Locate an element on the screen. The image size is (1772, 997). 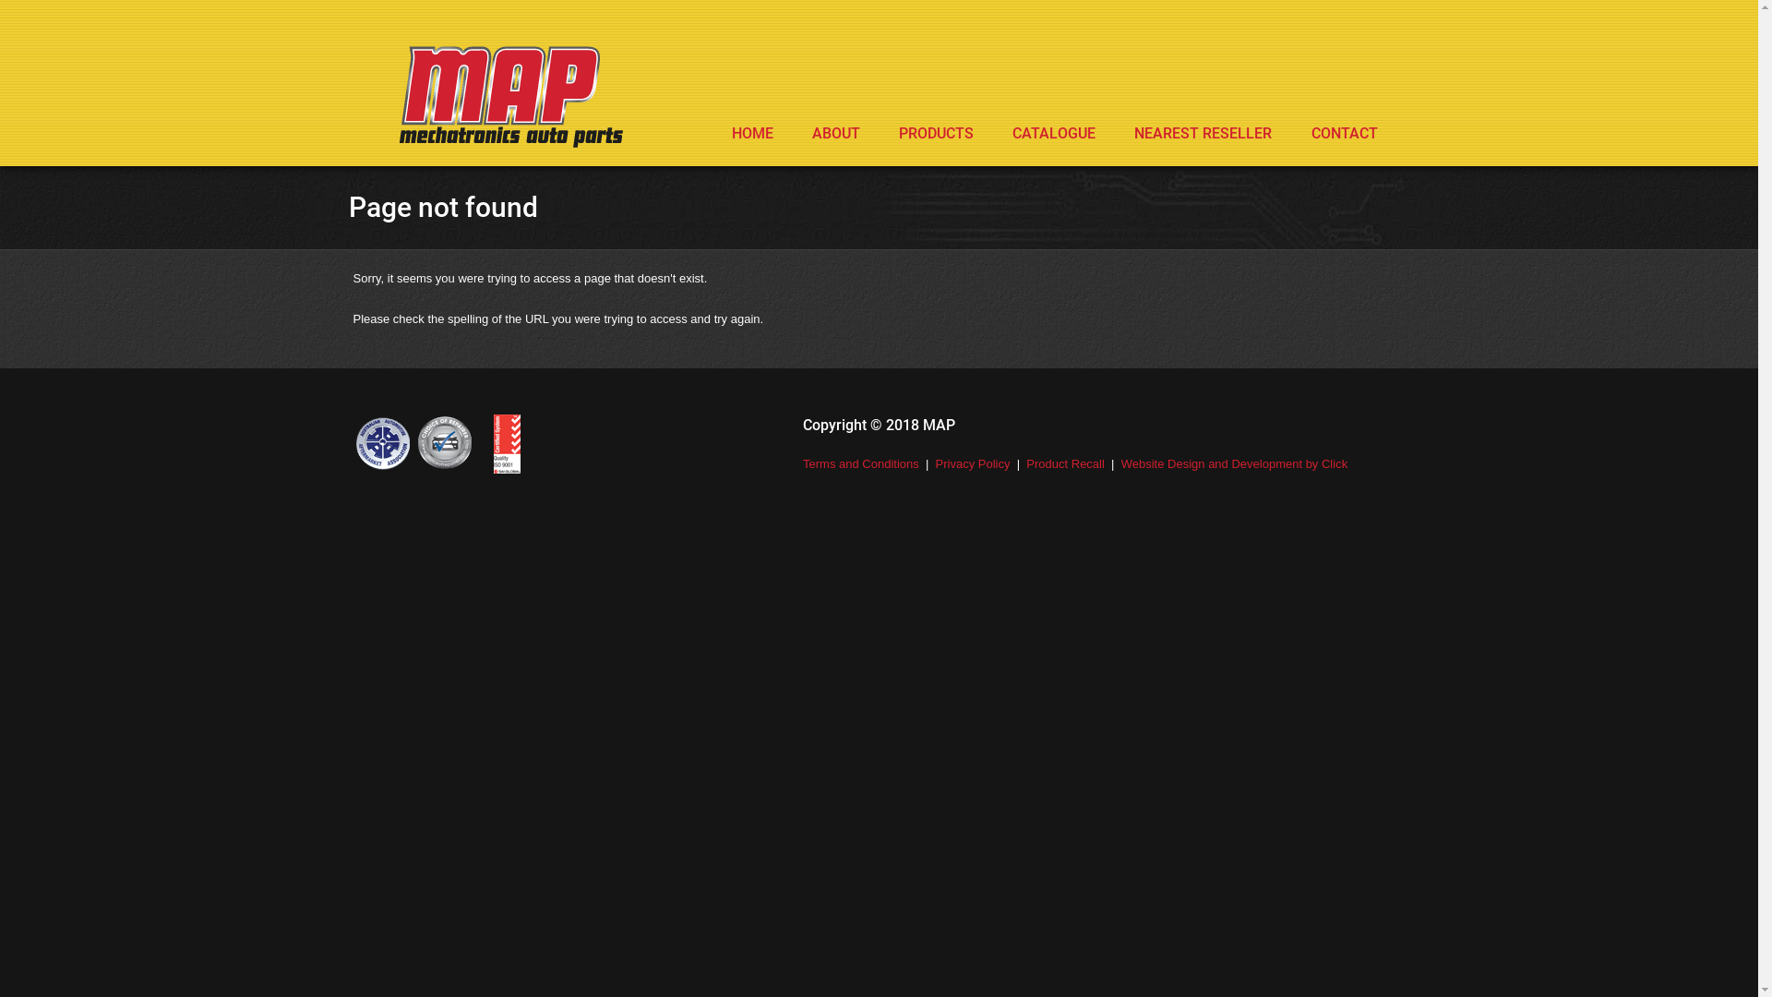
'CONTACT' is located at coordinates (1345, 133).